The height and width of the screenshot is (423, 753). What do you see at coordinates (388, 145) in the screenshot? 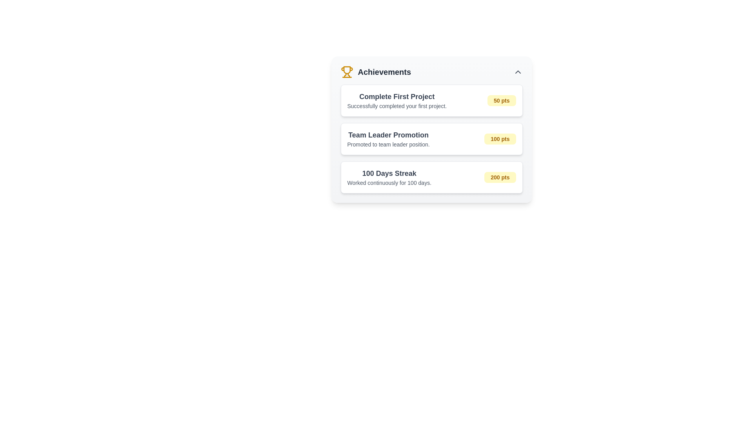
I see `text from the text label displaying 'Promoted to team leader position.' located directly below the title 'Team Leader Promotion' in the achievement description section` at bounding box center [388, 145].